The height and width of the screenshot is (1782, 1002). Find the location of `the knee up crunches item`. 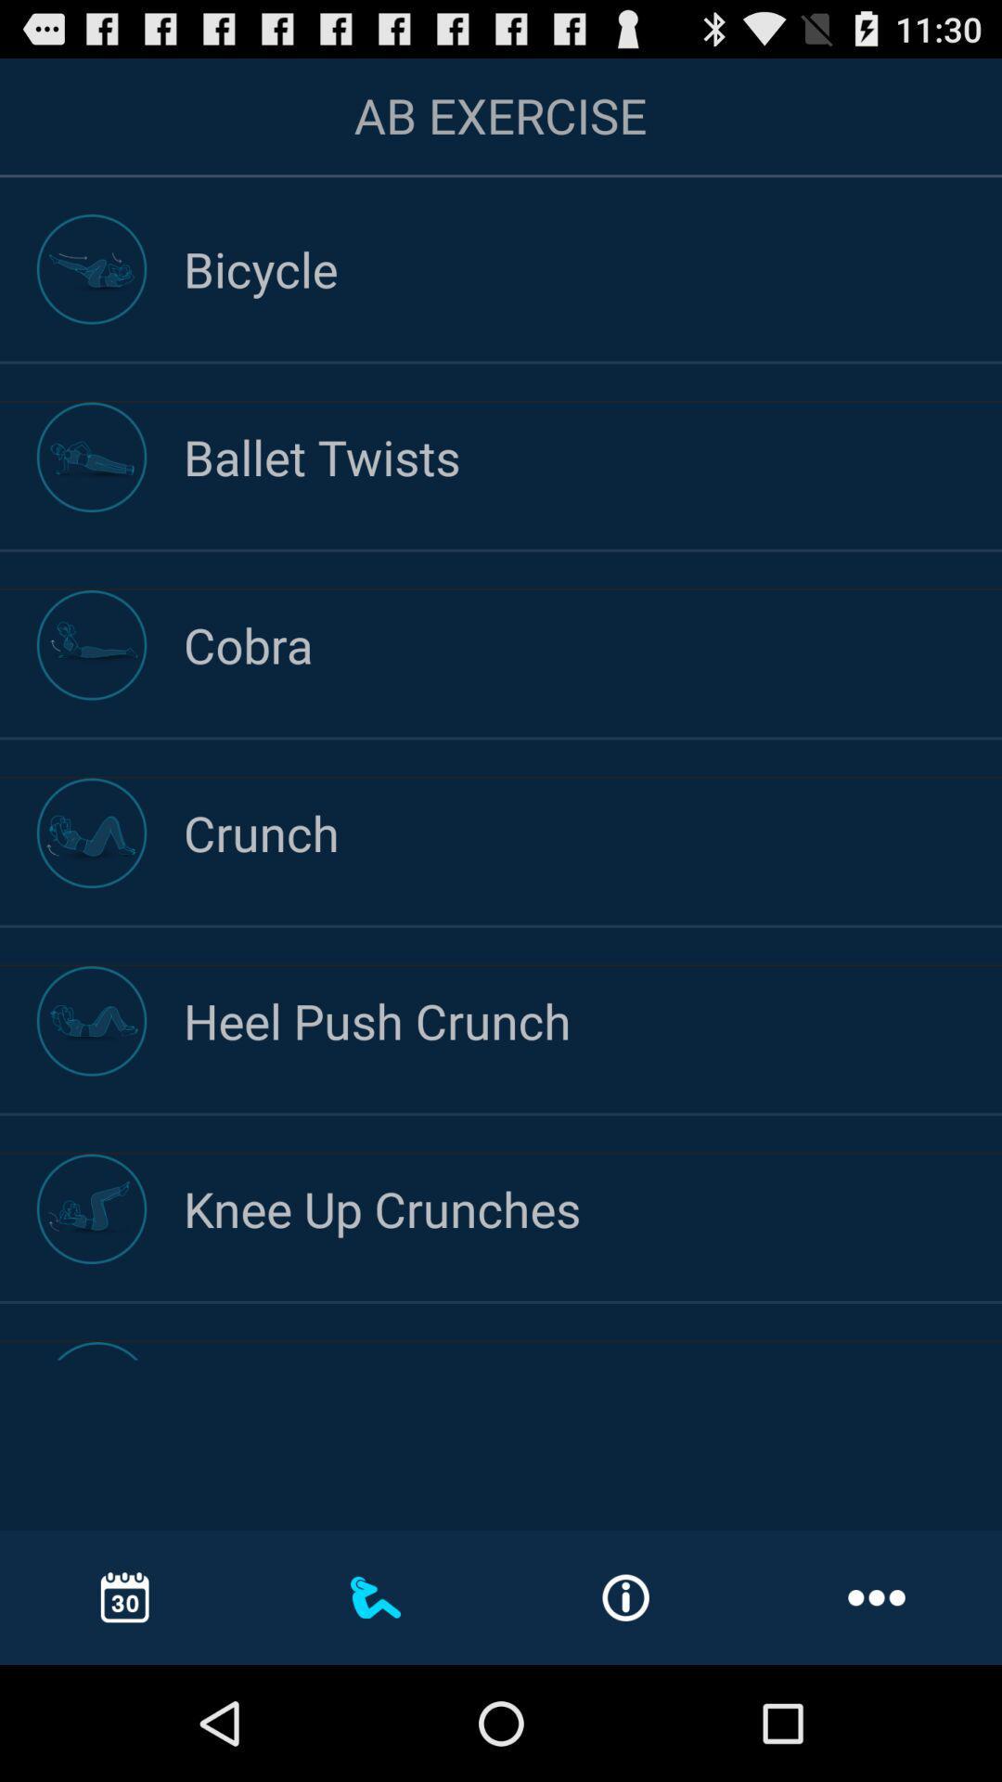

the knee up crunches item is located at coordinates (593, 1208).